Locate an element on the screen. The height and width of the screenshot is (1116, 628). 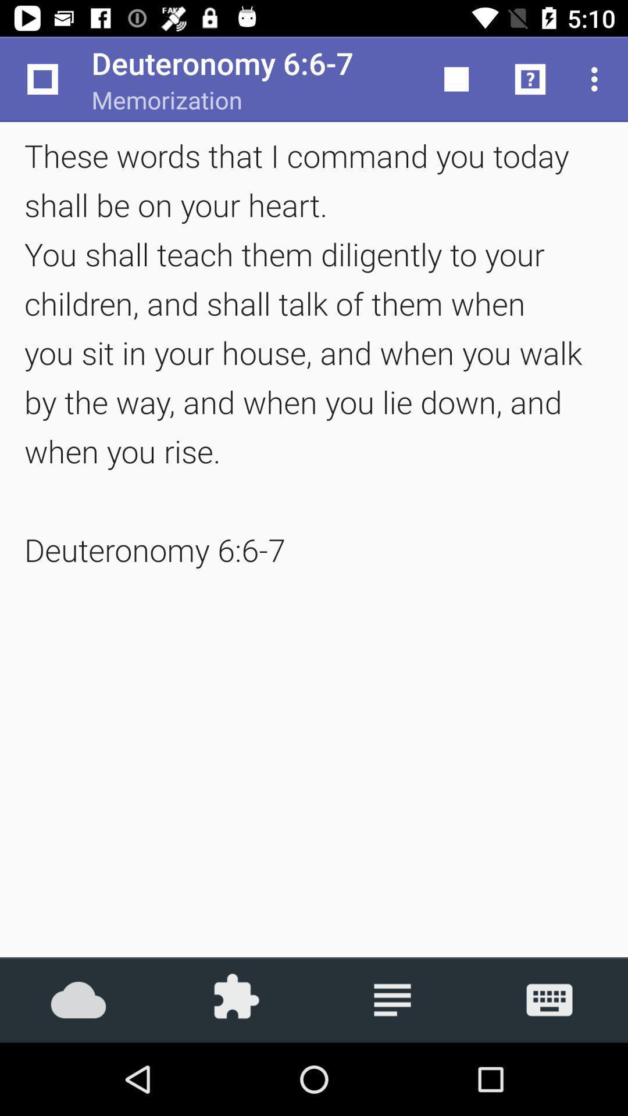
the icon at the bottom left corner is located at coordinates (78, 999).